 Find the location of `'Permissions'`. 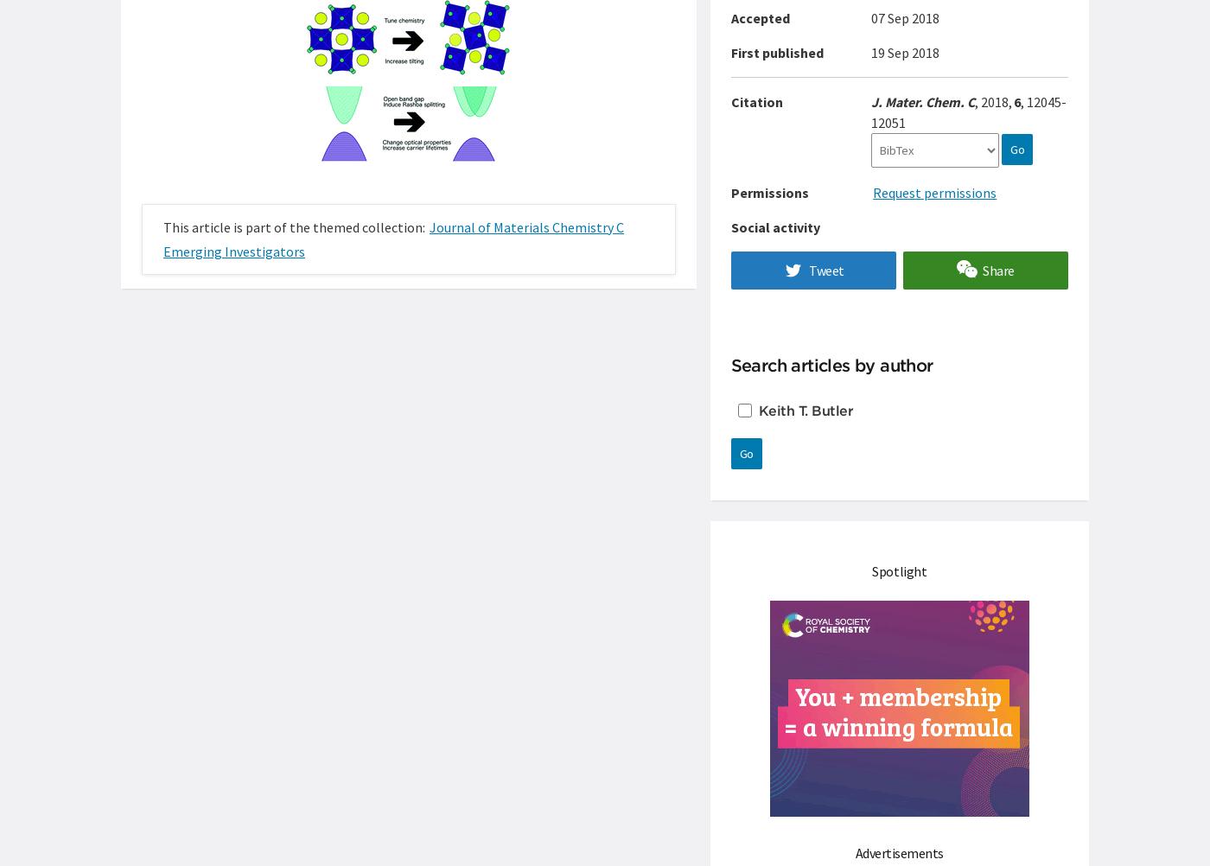

'Permissions' is located at coordinates (768, 193).